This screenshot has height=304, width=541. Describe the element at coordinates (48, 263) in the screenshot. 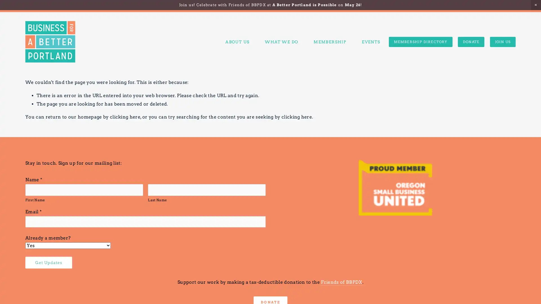

I see `Get Updates` at that location.